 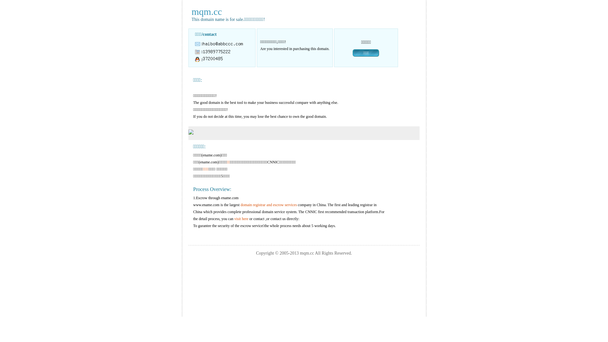 What do you see at coordinates (241, 218) in the screenshot?
I see `'visit here'` at bounding box center [241, 218].